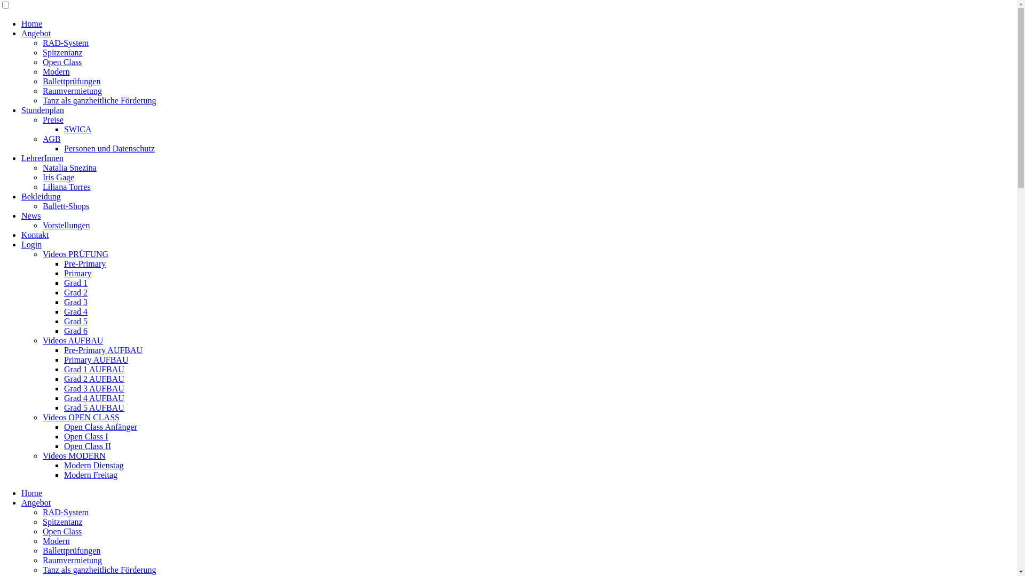  I want to click on 'Liliana Torres', so click(66, 186).